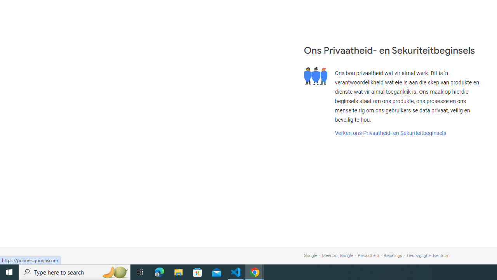 The height and width of the screenshot is (280, 497). Describe the element at coordinates (428, 255) in the screenshot. I see `'Deursigtigheidsentrum'` at that location.